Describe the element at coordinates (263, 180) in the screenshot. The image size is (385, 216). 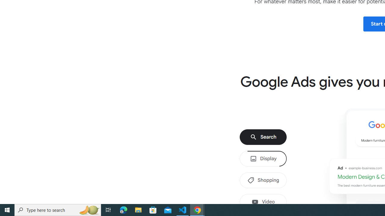
I see `'Shopping'` at that location.